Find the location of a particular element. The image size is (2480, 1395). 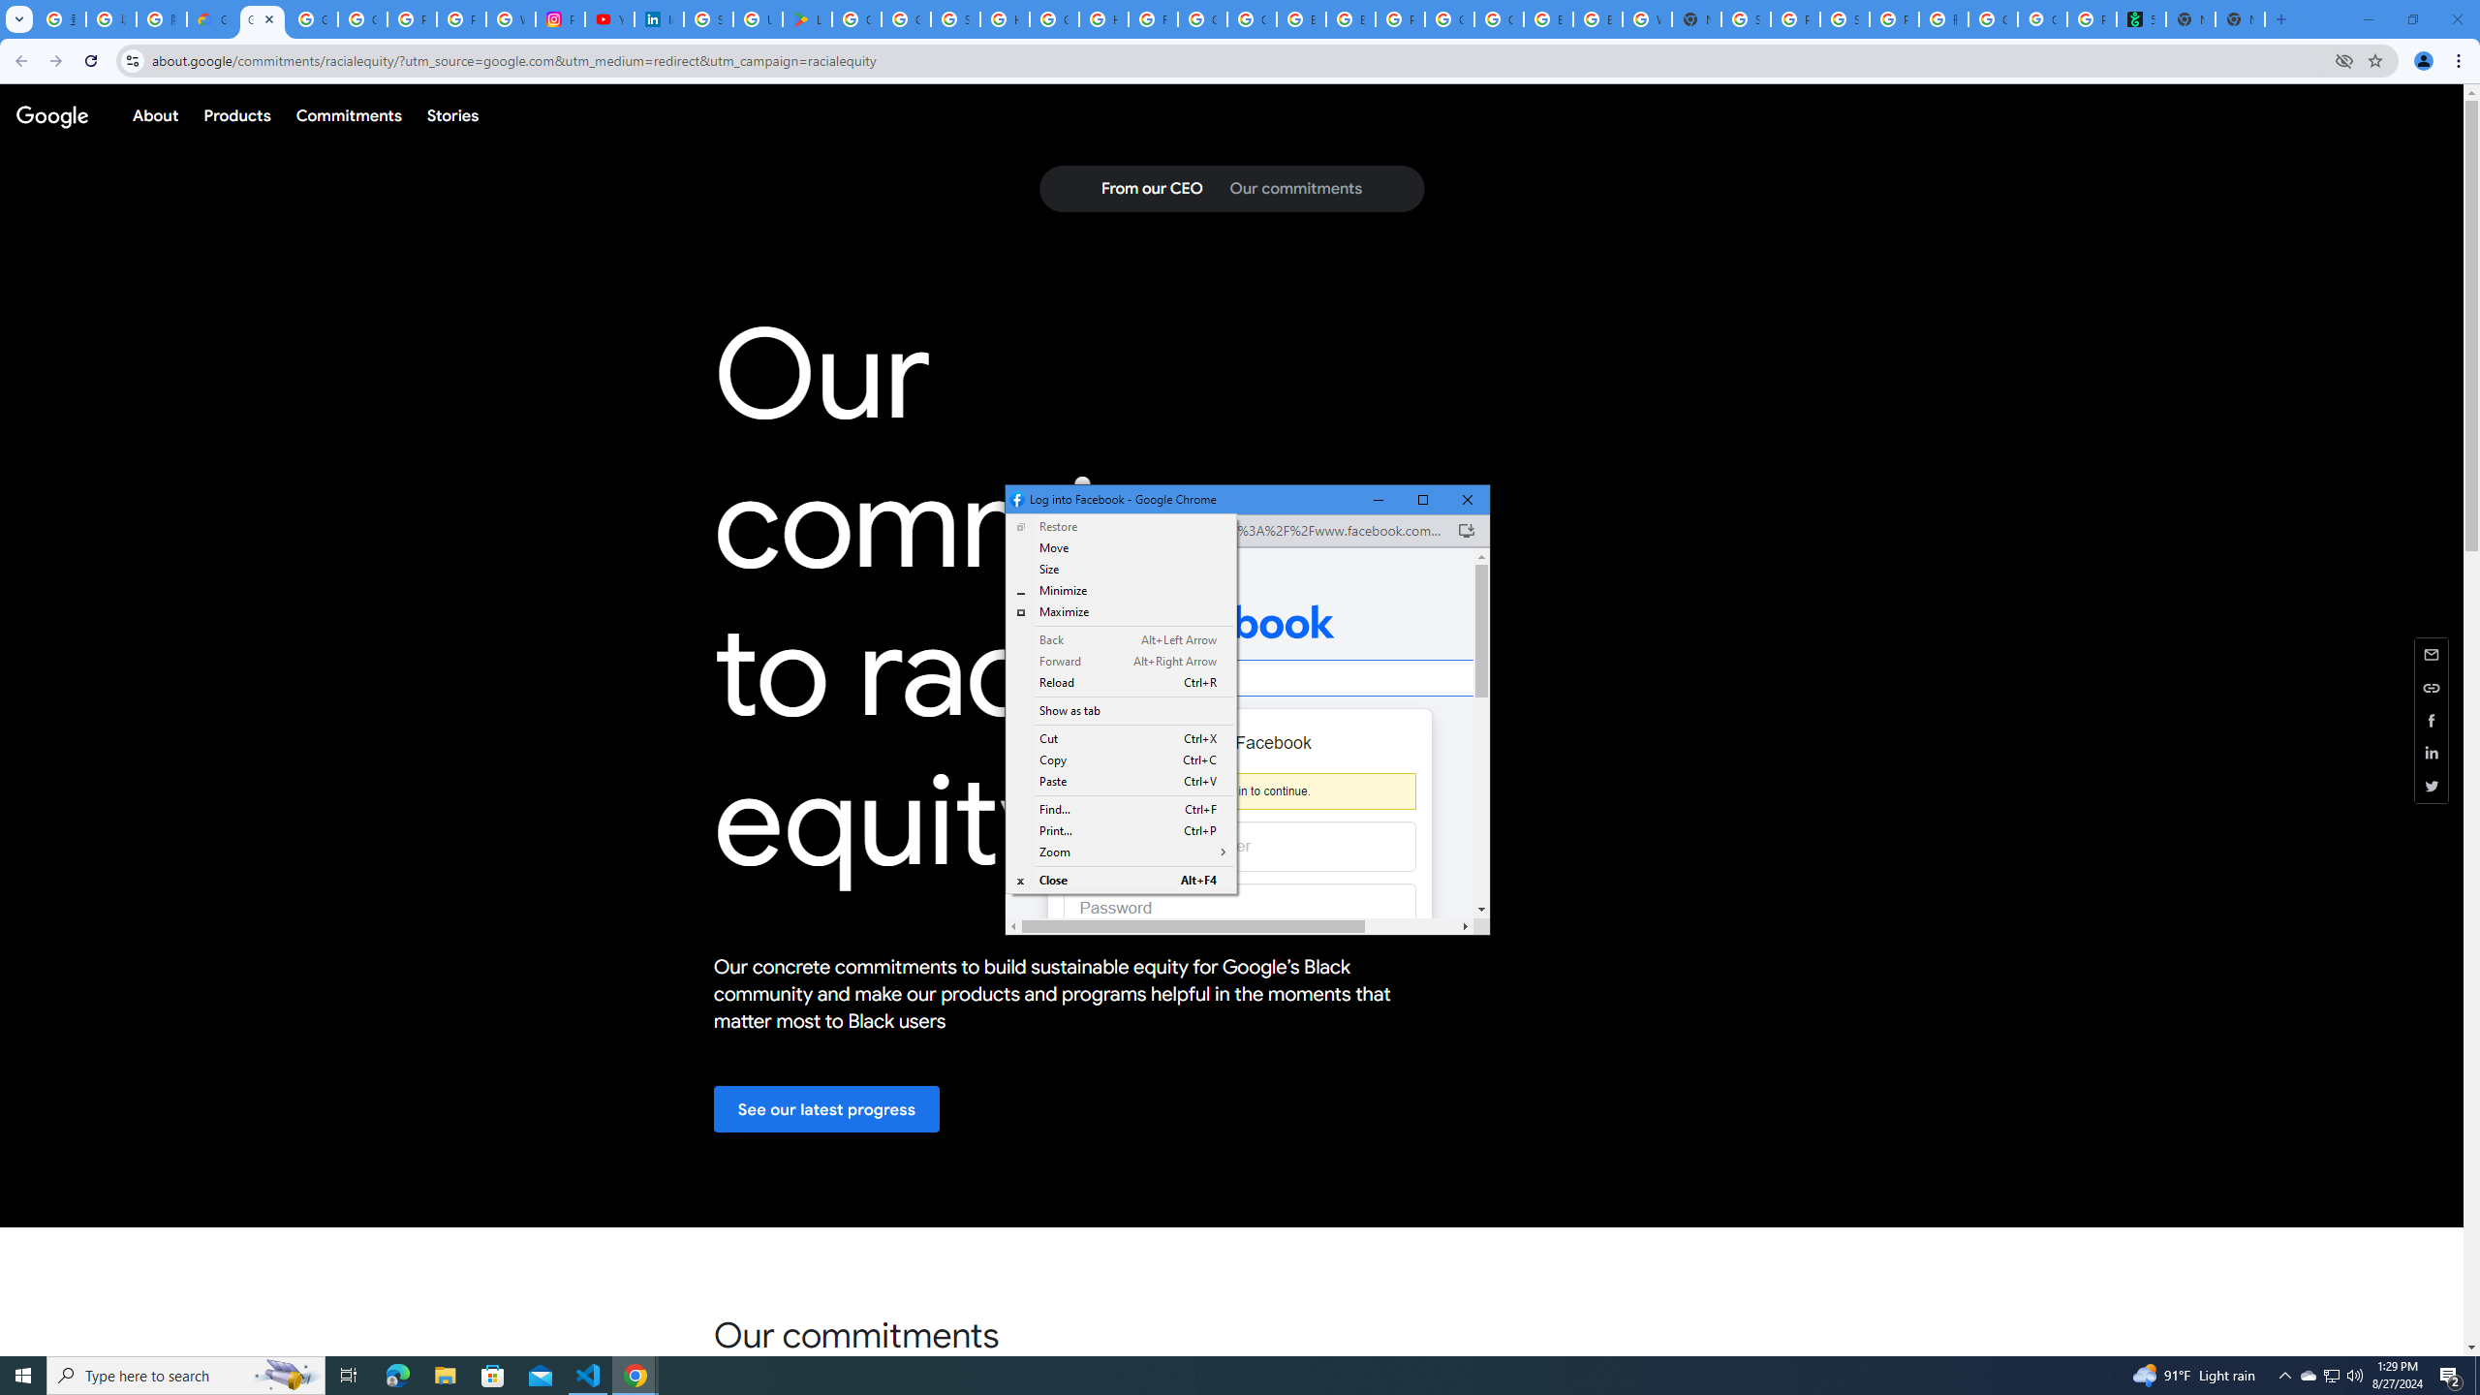

'Action Center, 2 new notifications' is located at coordinates (2451, 1374).